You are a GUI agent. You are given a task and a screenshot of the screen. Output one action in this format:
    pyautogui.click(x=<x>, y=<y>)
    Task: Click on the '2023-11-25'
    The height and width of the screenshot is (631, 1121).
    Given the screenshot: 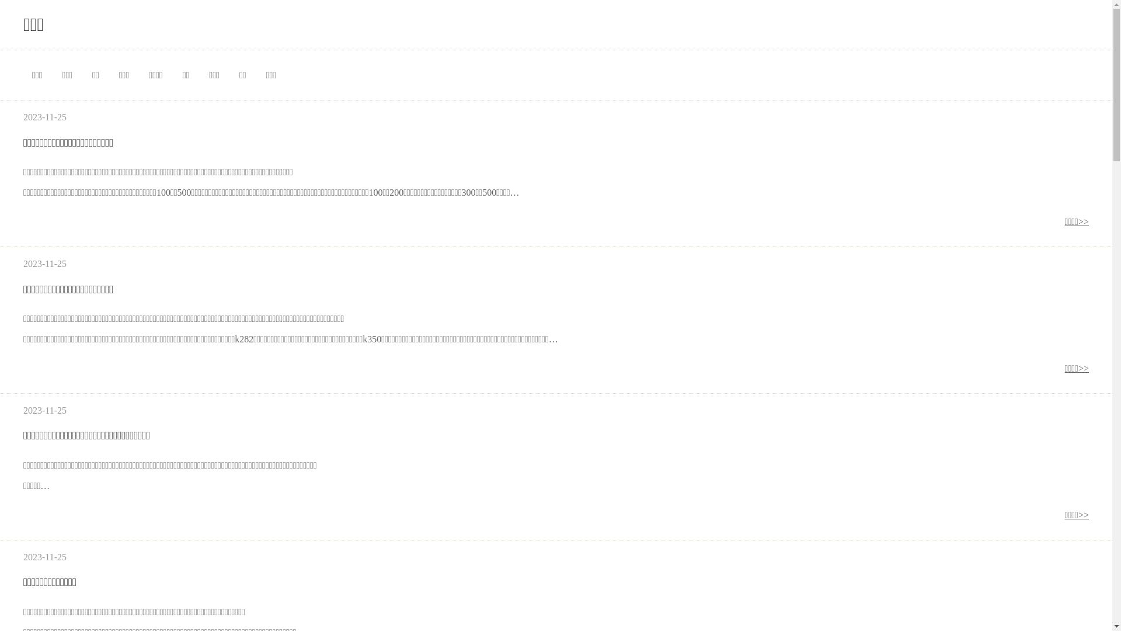 What is the action you would take?
    pyautogui.click(x=44, y=410)
    